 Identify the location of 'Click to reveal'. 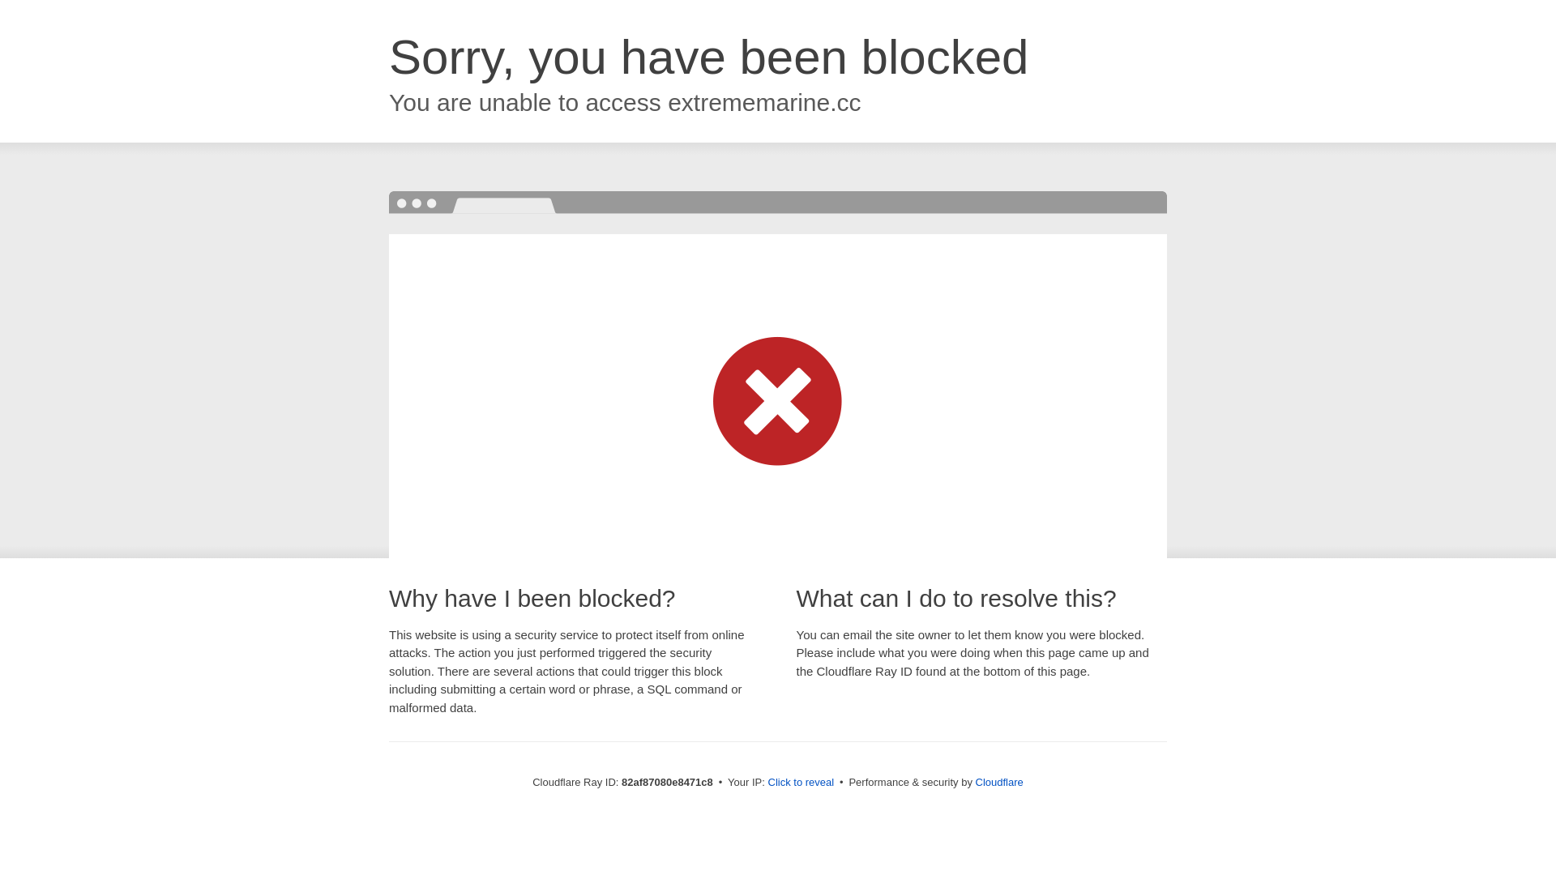
(801, 781).